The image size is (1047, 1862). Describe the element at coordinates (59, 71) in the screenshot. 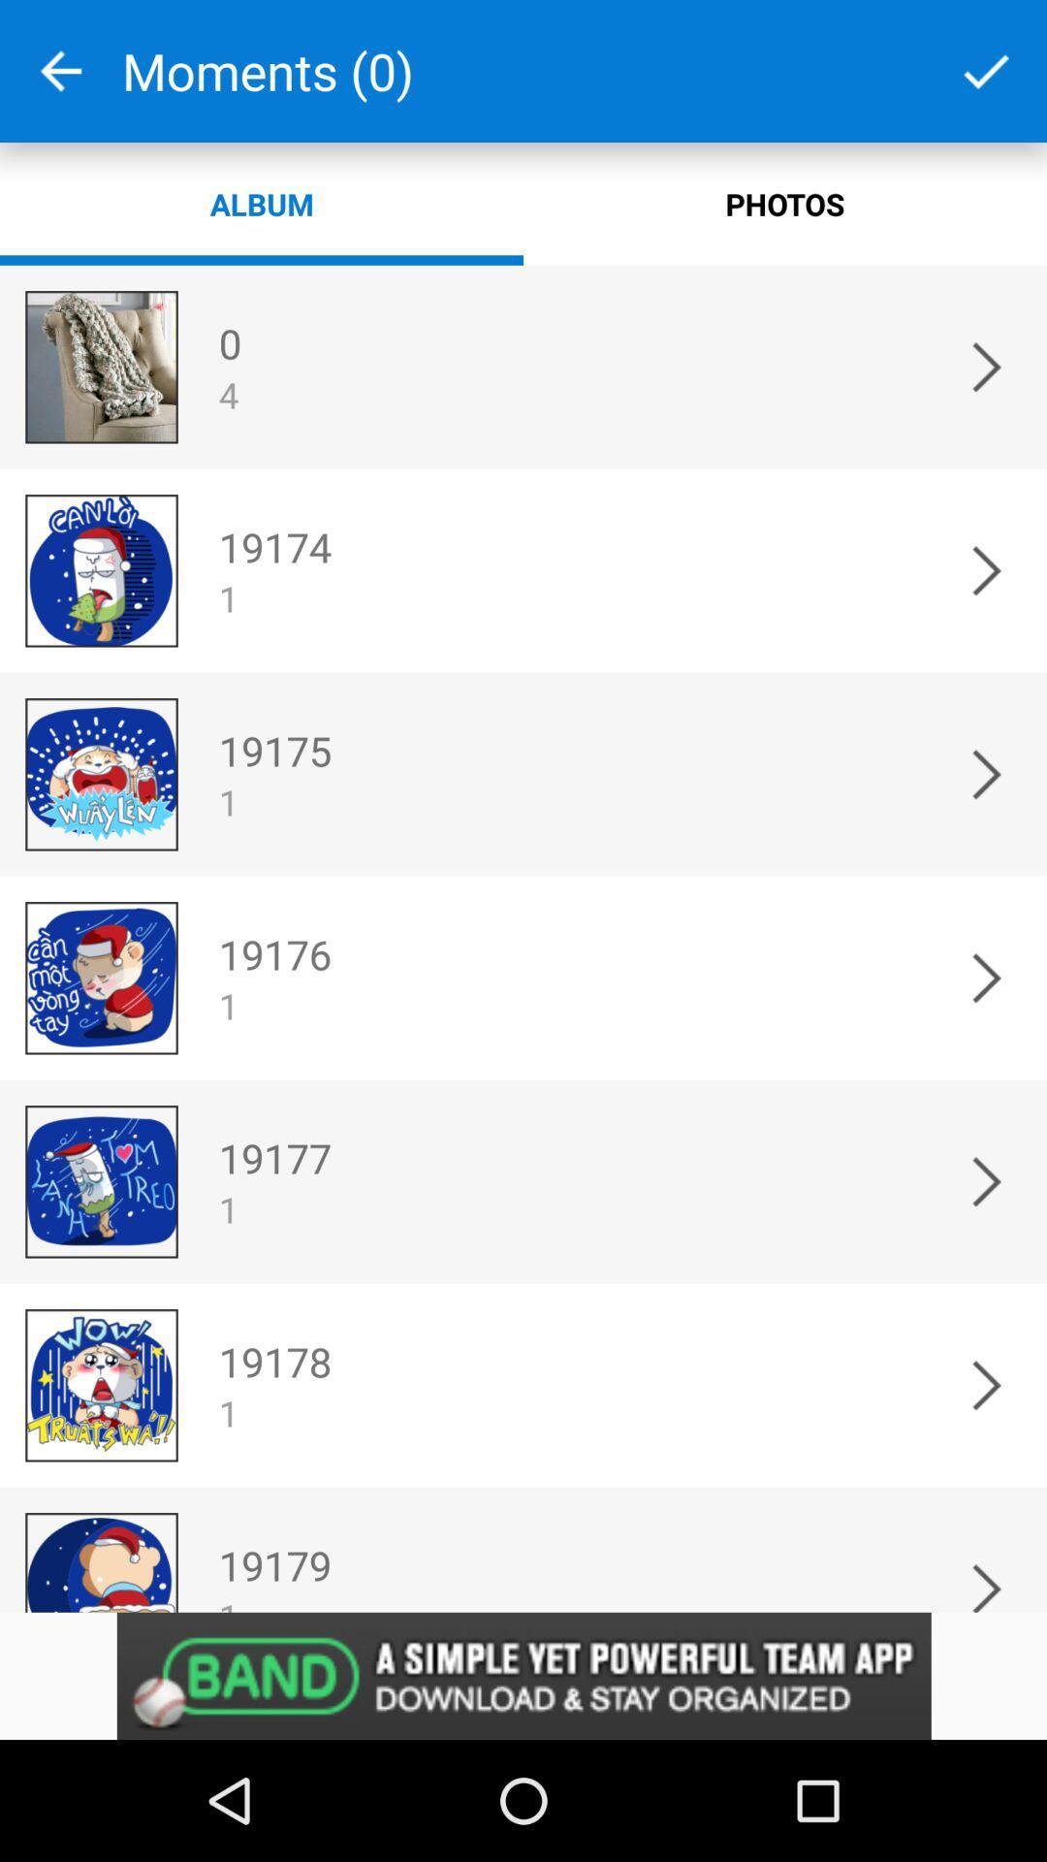

I see `go back` at that location.